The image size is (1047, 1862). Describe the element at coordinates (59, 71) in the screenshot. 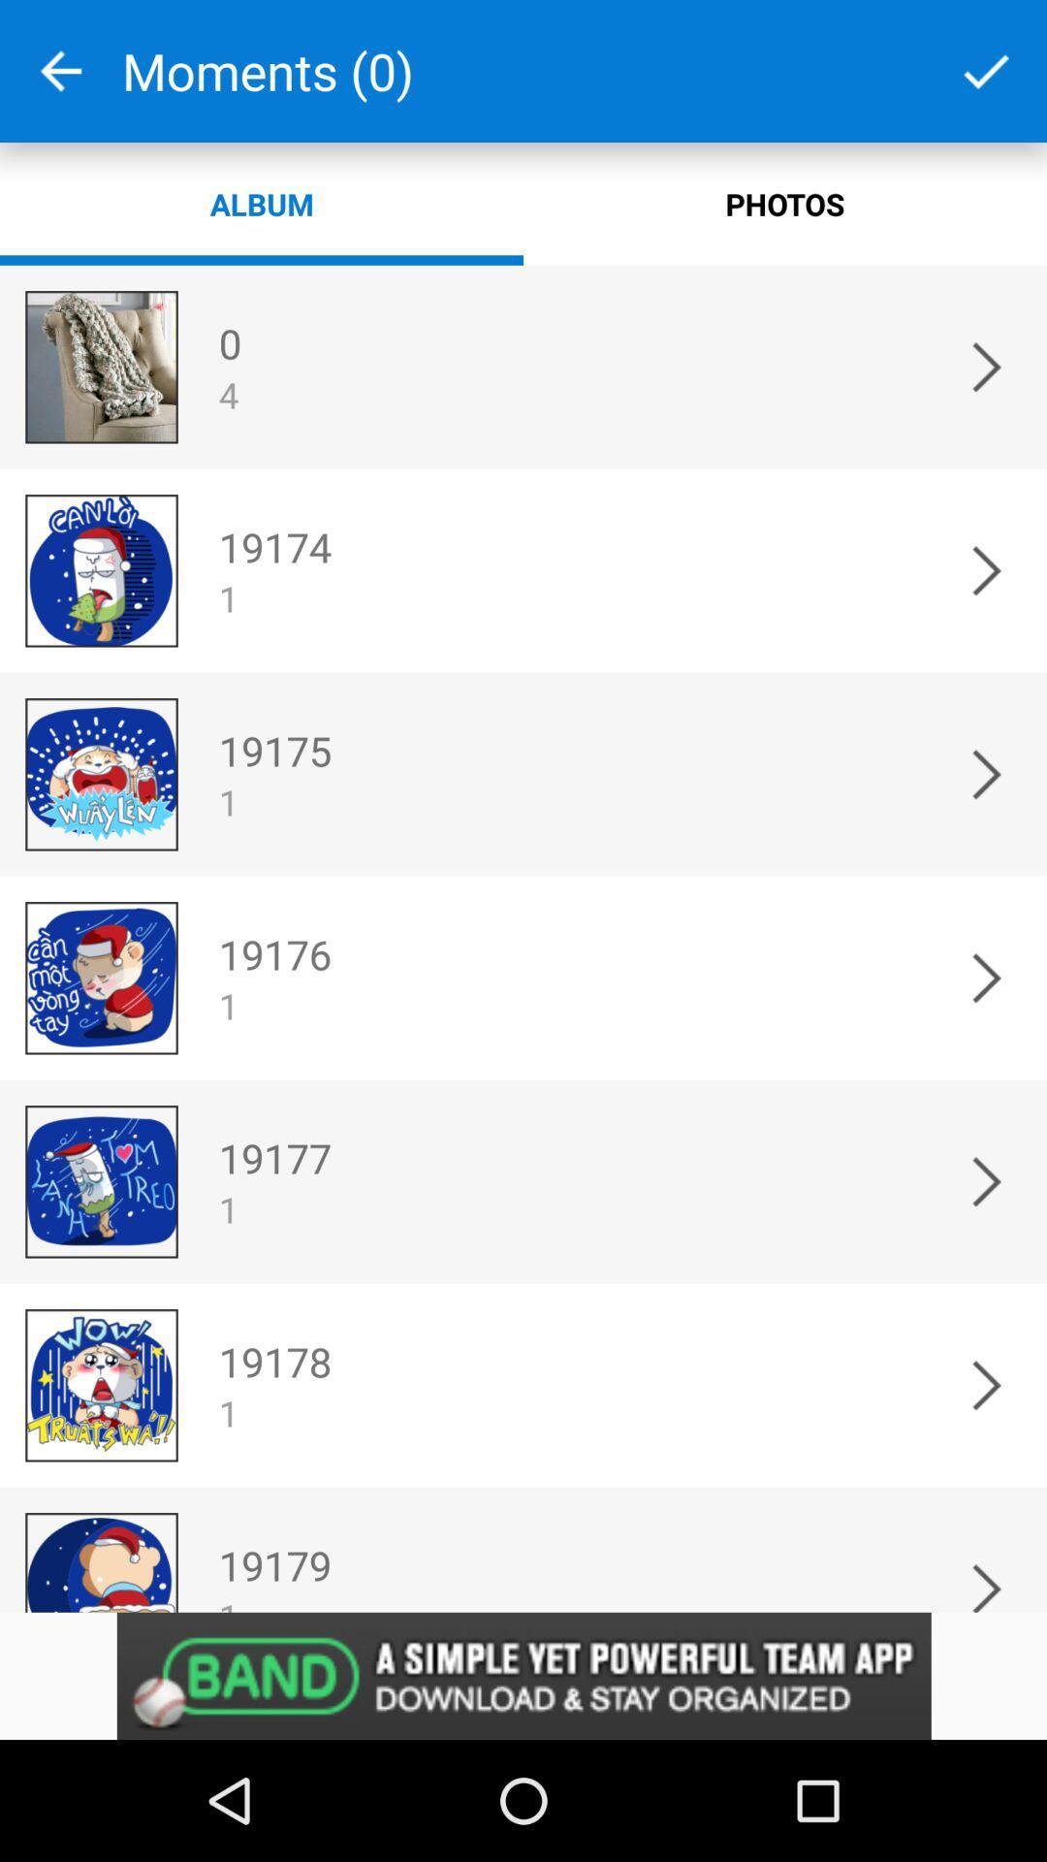

I see `go back` at that location.